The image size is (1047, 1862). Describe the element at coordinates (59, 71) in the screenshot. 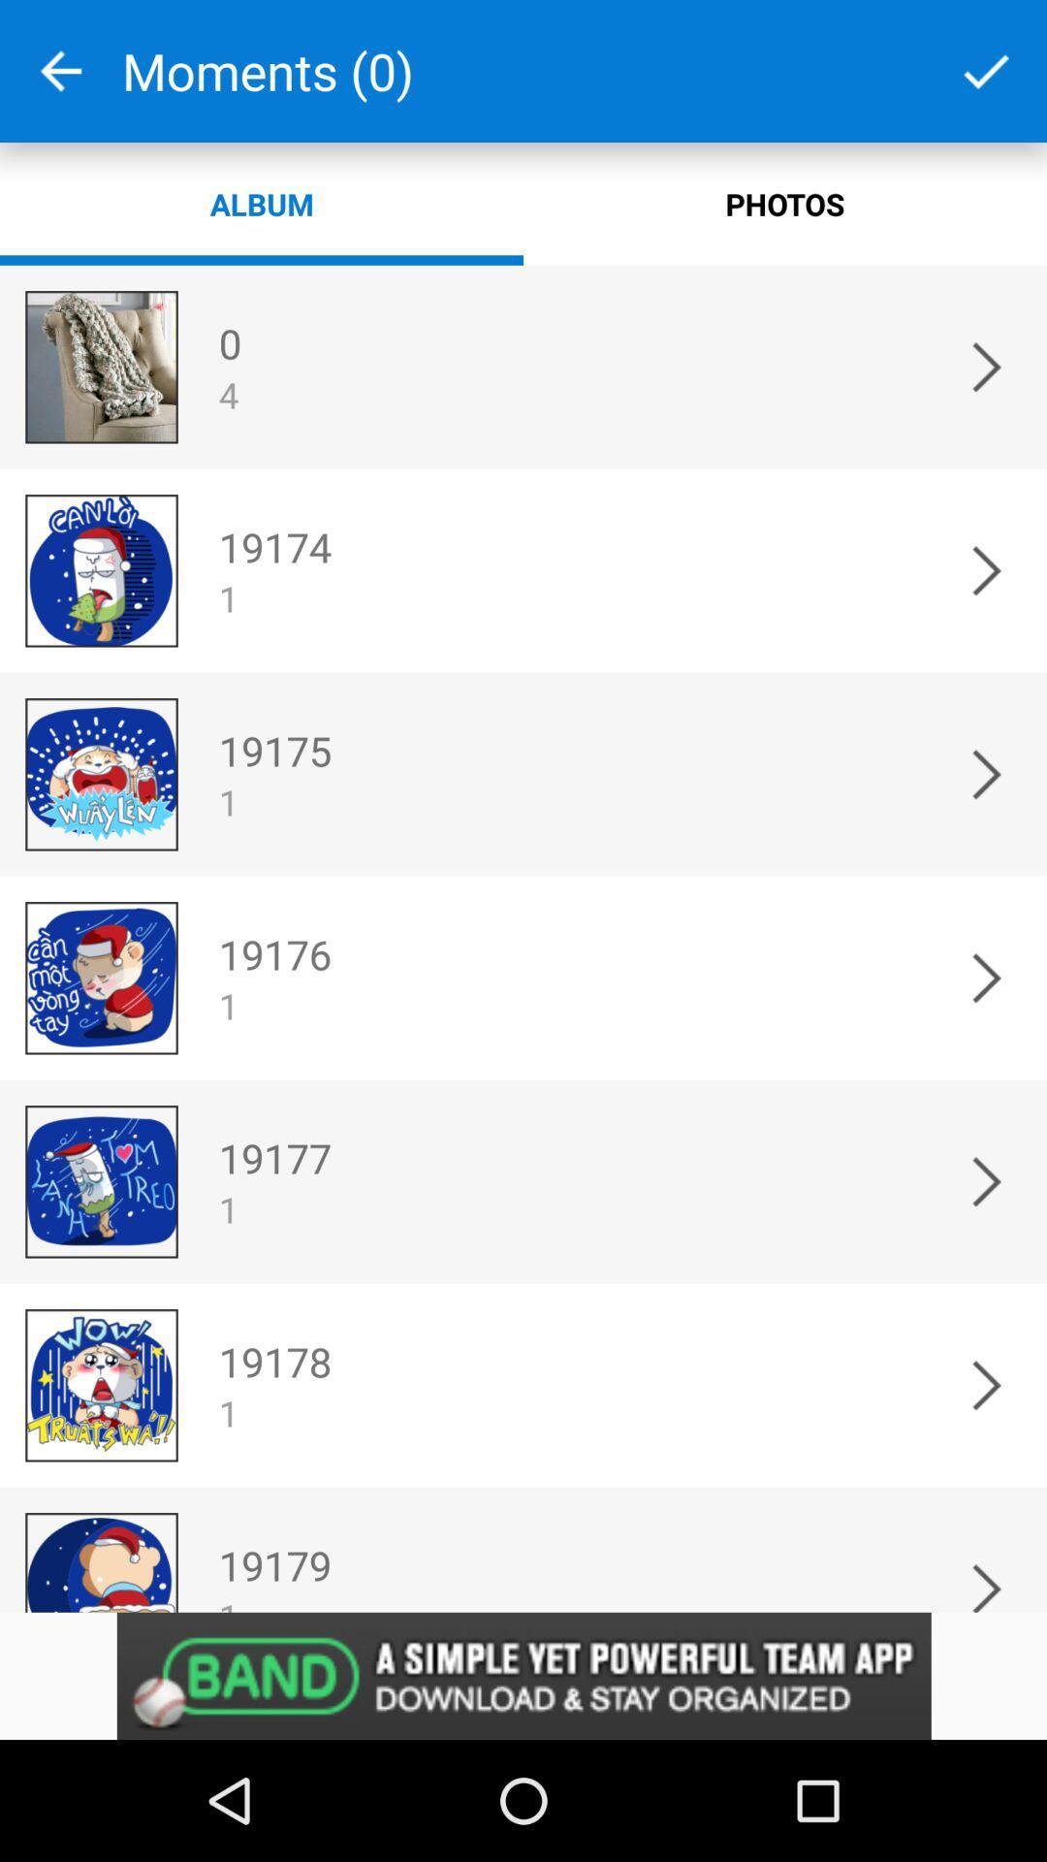

I see `go back` at that location.